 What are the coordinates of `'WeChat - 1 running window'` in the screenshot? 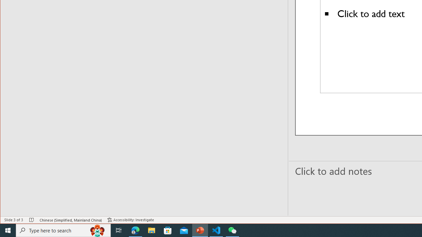 It's located at (232, 230).